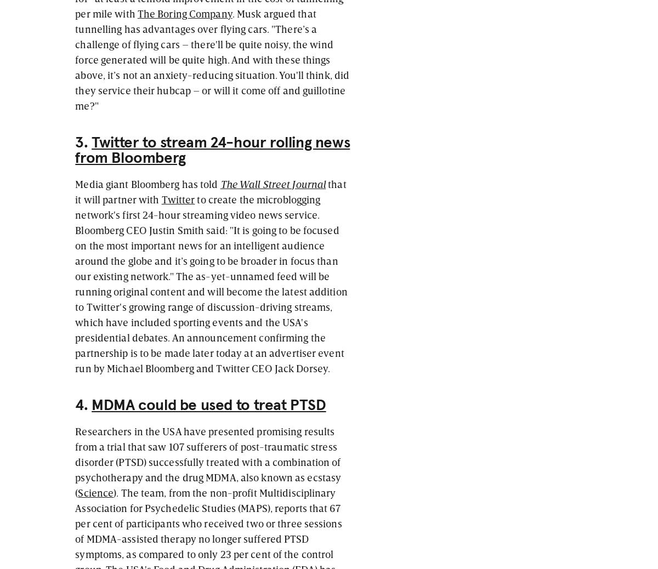 The height and width of the screenshot is (569, 658). Describe the element at coordinates (212, 58) in the screenshot. I see `'. Musk argued that tunnelling has advantages over flying cars. "There’s a challenge of flying cars – there'll be quite noisy, the wind force generated will be quite high. And with these things above, it’s not an anxiety-reducing situation. You'll think, did they service their hubcap – or will it come off and guillotine me?"'` at that location.